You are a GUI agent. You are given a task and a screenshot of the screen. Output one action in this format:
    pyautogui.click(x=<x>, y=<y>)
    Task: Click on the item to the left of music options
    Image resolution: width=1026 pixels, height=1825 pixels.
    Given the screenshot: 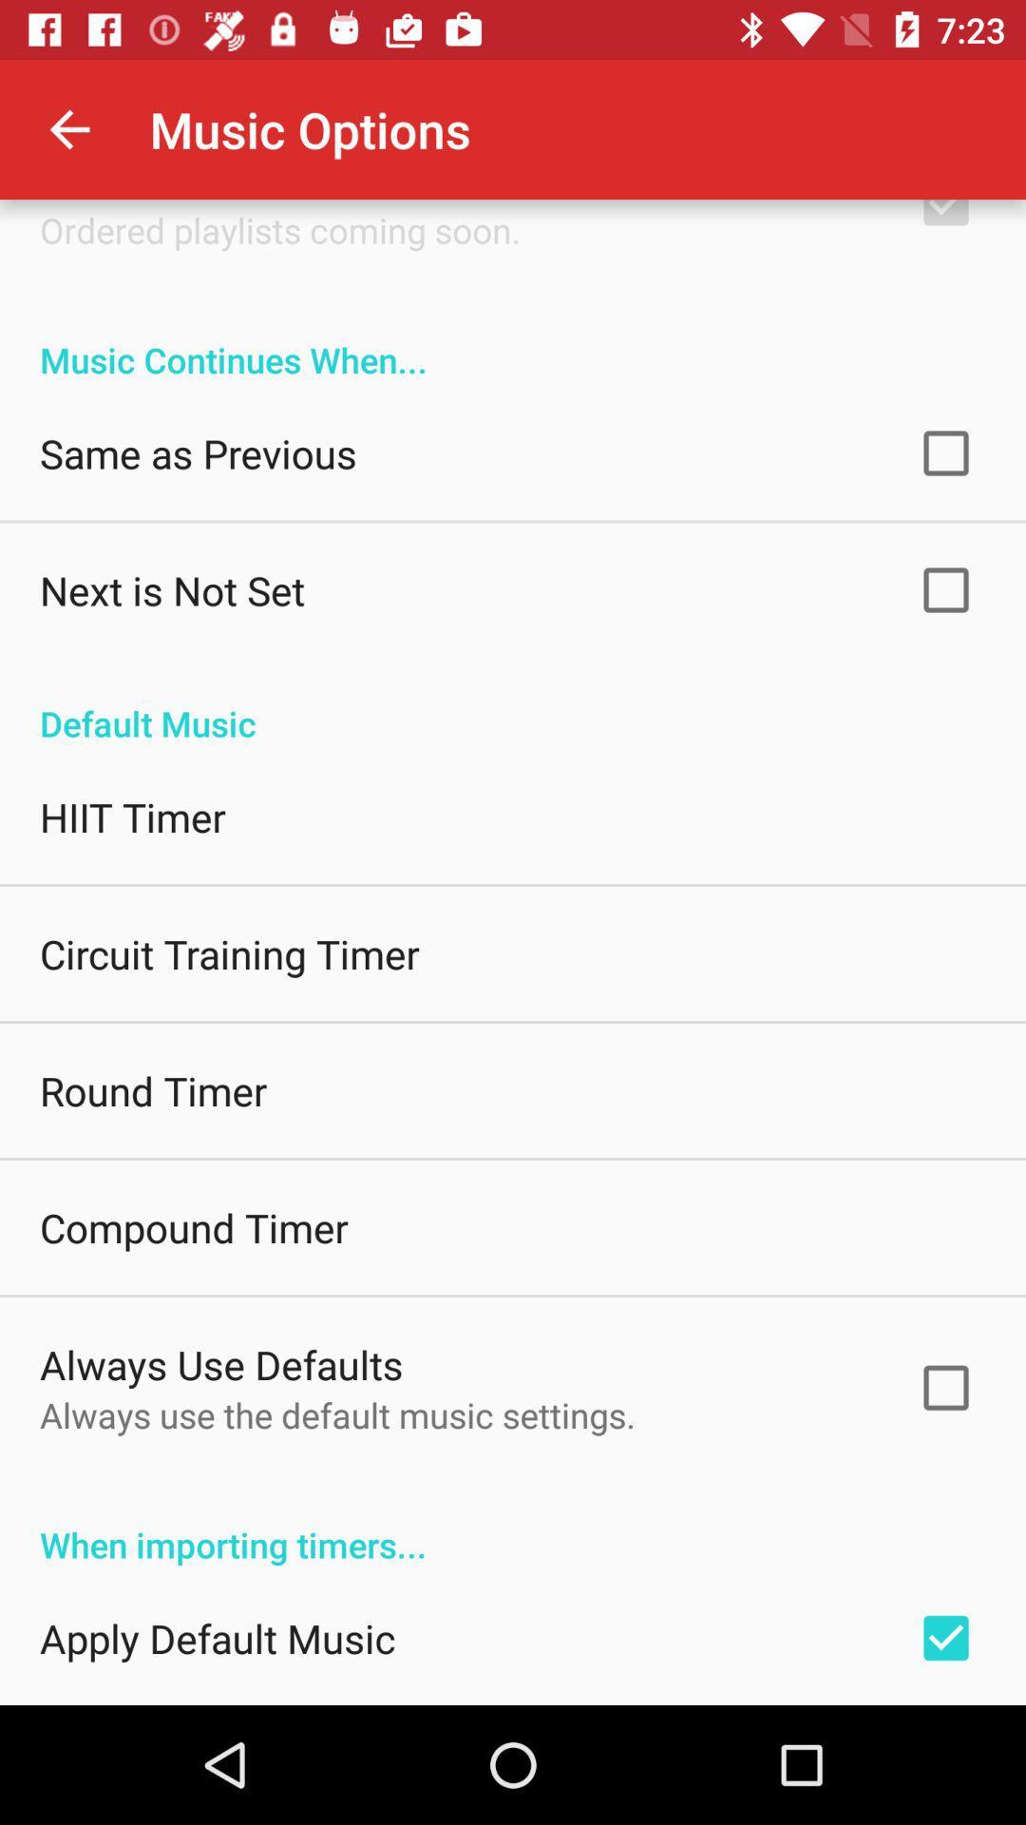 What is the action you would take?
    pyautogui.click(x=68, y=128)
    